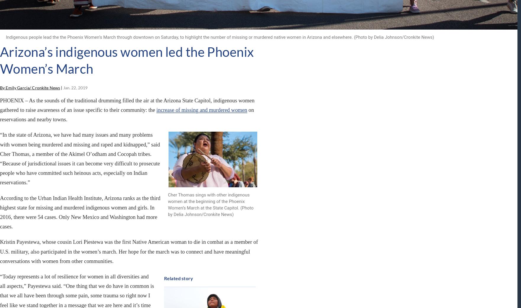 This screenshot has width=521, height=308. I want to click on 'USE OUR CONTENT', so click(186, 239).